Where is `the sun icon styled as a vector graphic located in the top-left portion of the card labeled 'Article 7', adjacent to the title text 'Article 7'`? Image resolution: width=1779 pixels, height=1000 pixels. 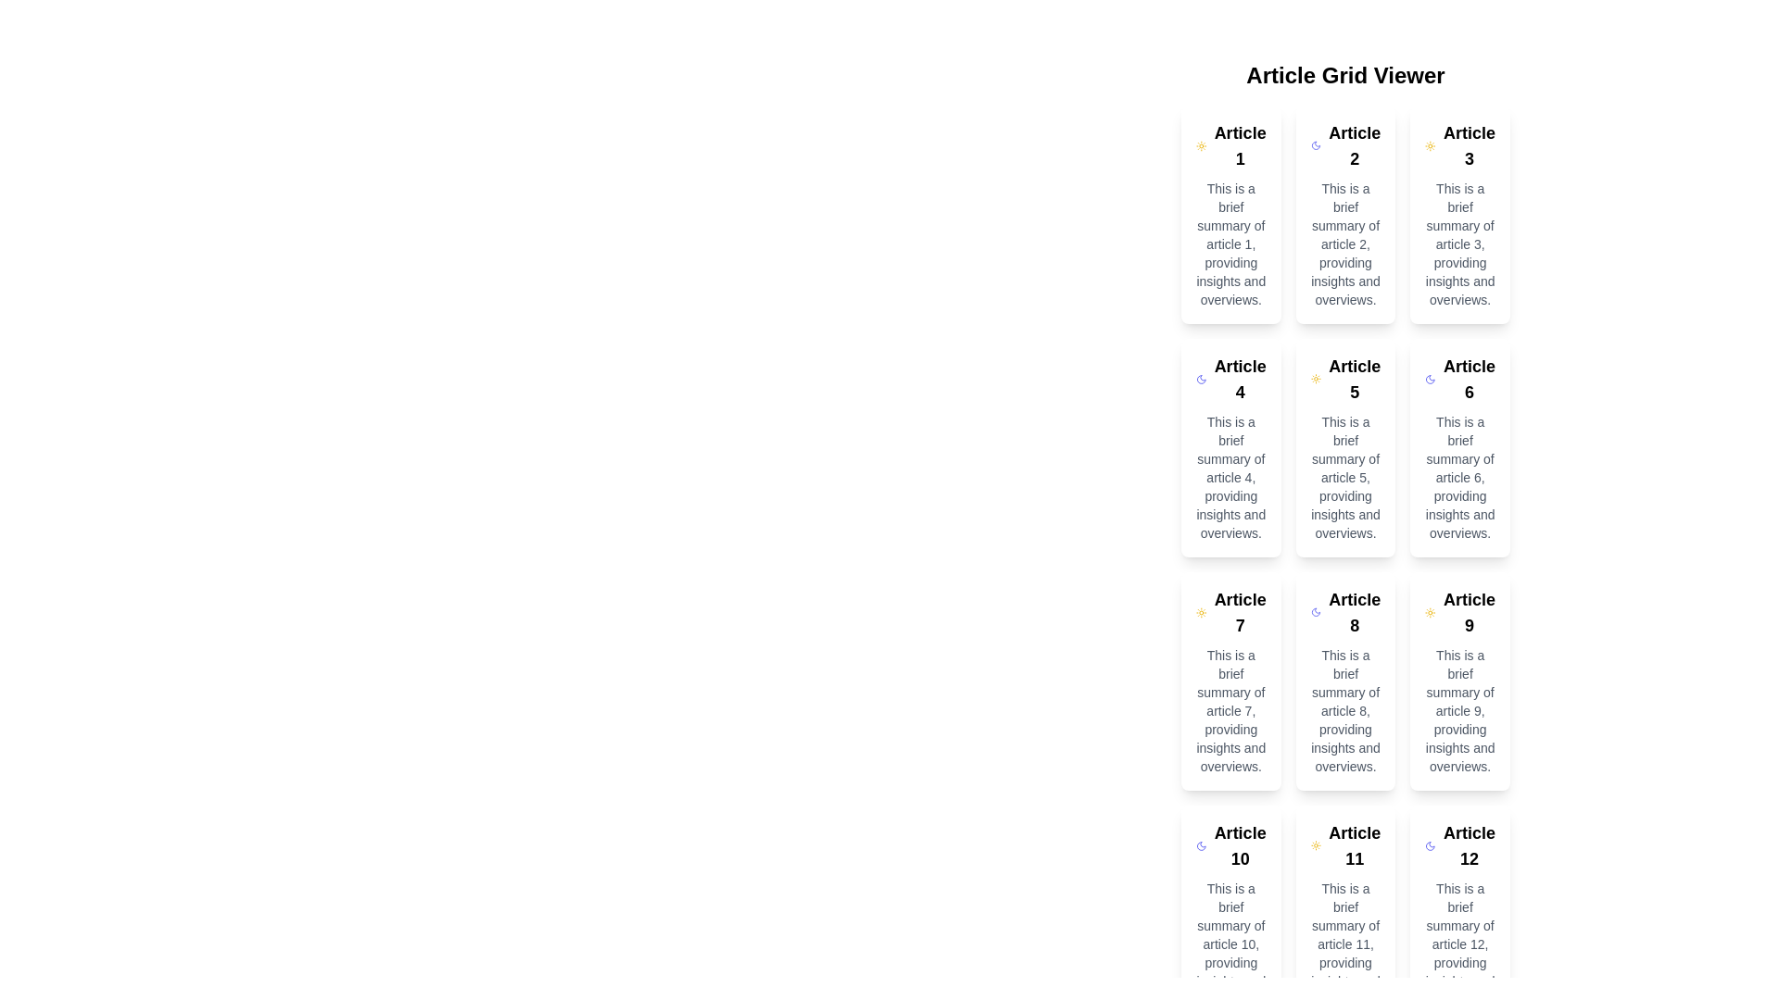 the sun icon styled as a vector graphic located in the top-left portion of the card labeled 'Article 7', adjacent to the title text 'Article 7' is located at coordinates (1201, 613).